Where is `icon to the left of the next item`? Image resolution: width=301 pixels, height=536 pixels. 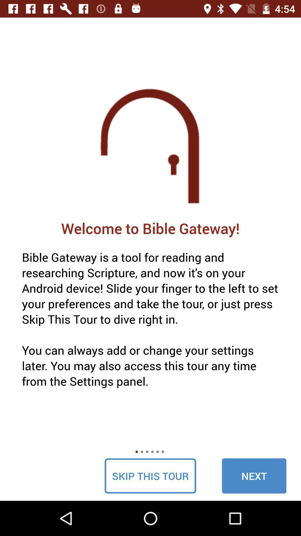 icon to the left of the next item is located at coordinates (150, 475).